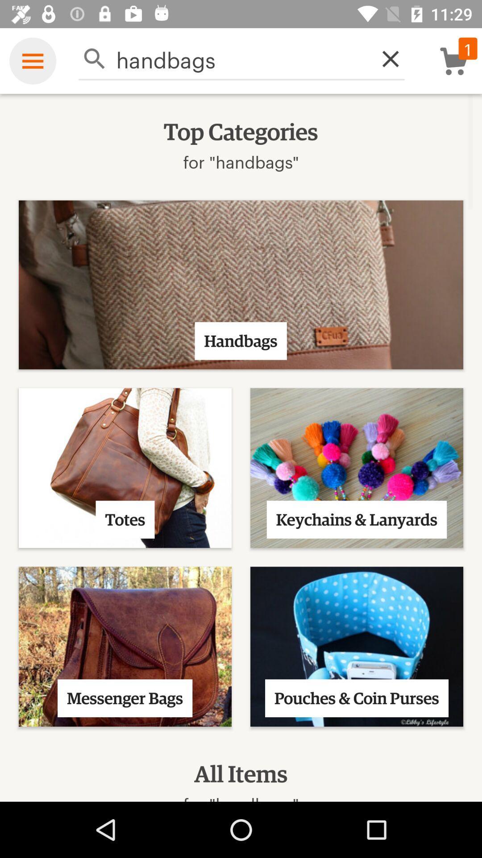 Image resolution: width=482 pixels, height=858 pixels. Describe the element at coordinates (385, 58) in the screenshot. I see `icon next to handbags` at that location.